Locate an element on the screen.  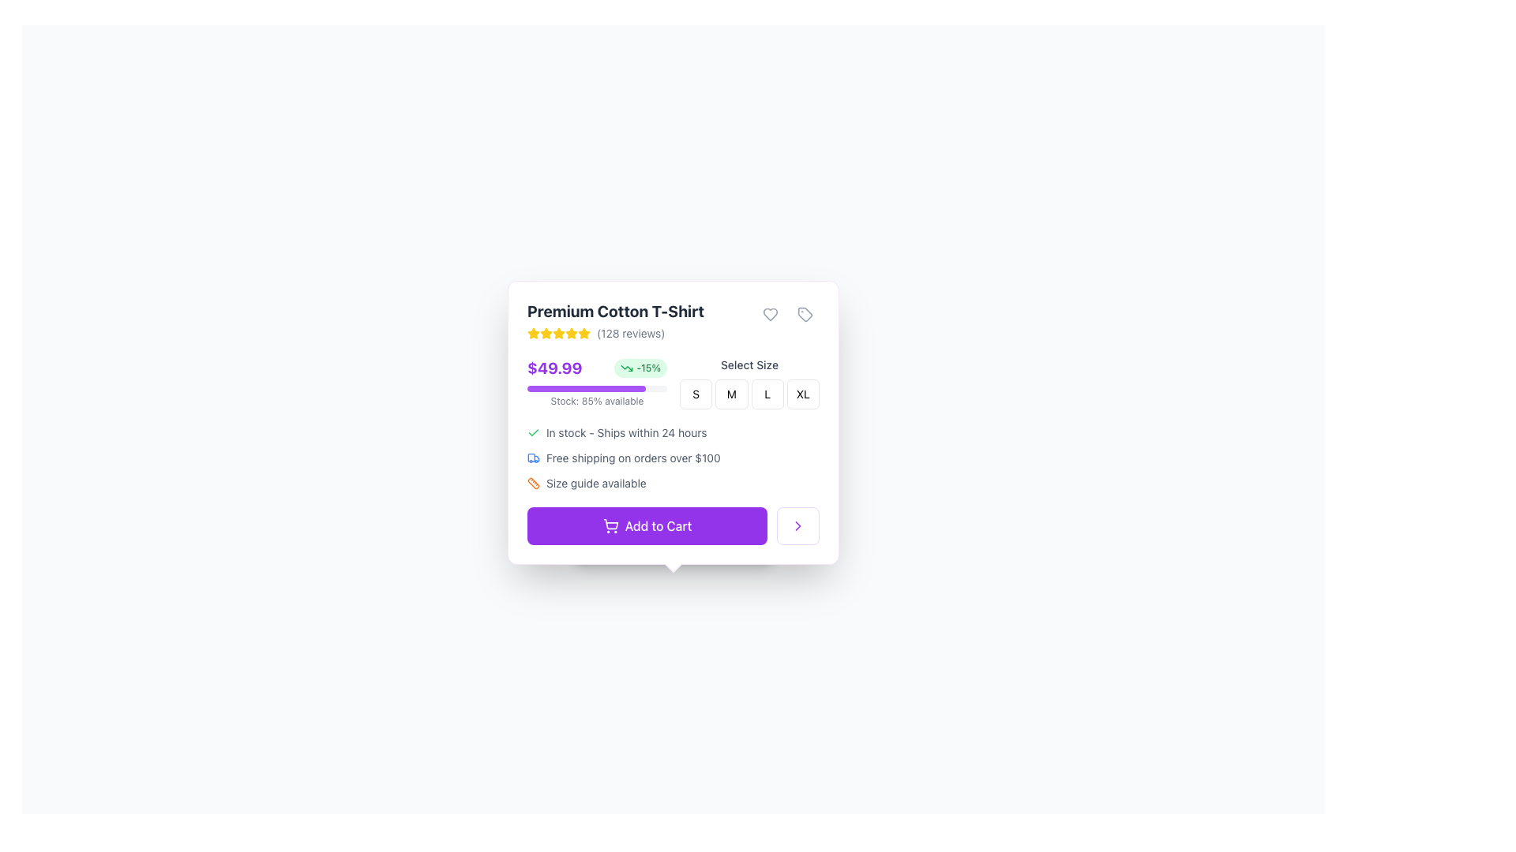
the rectangular badge with a light green background featuring a downward trending arrow icon and the text '-15%' in bold green font, located near the top-right corner of a card layout is located at coordinates (640, 368).